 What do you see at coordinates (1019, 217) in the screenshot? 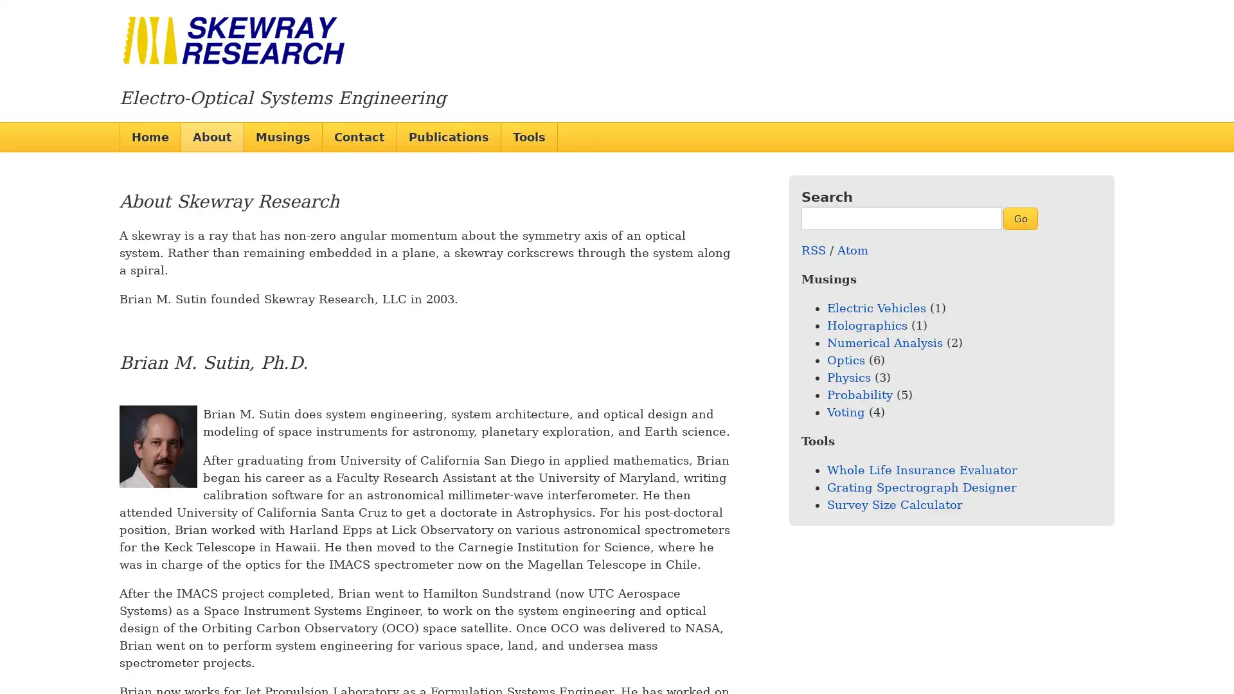
I see `Go` at bounding box center [1019, 217].